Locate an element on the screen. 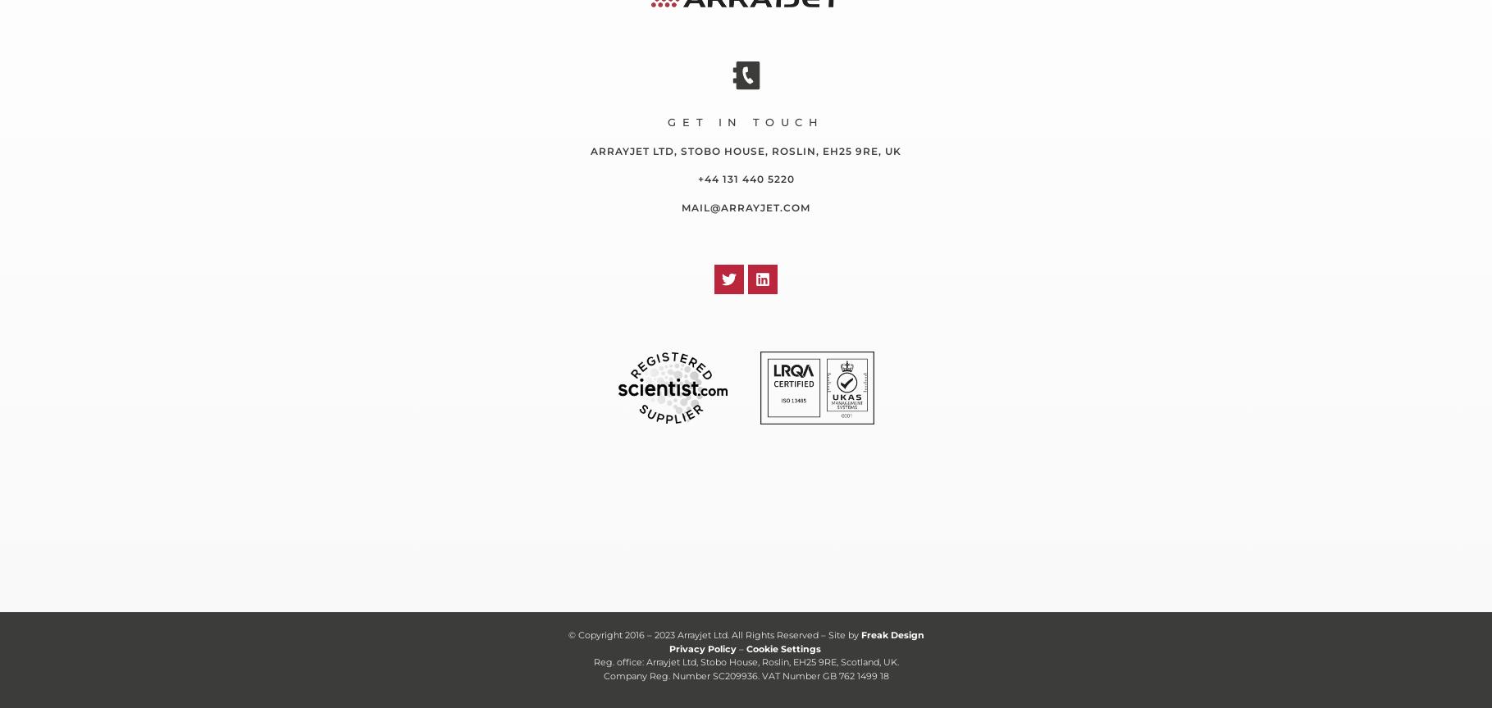 The image size is (1492, 708). 'Privacy Policy' is located at coordinates (702, 647).